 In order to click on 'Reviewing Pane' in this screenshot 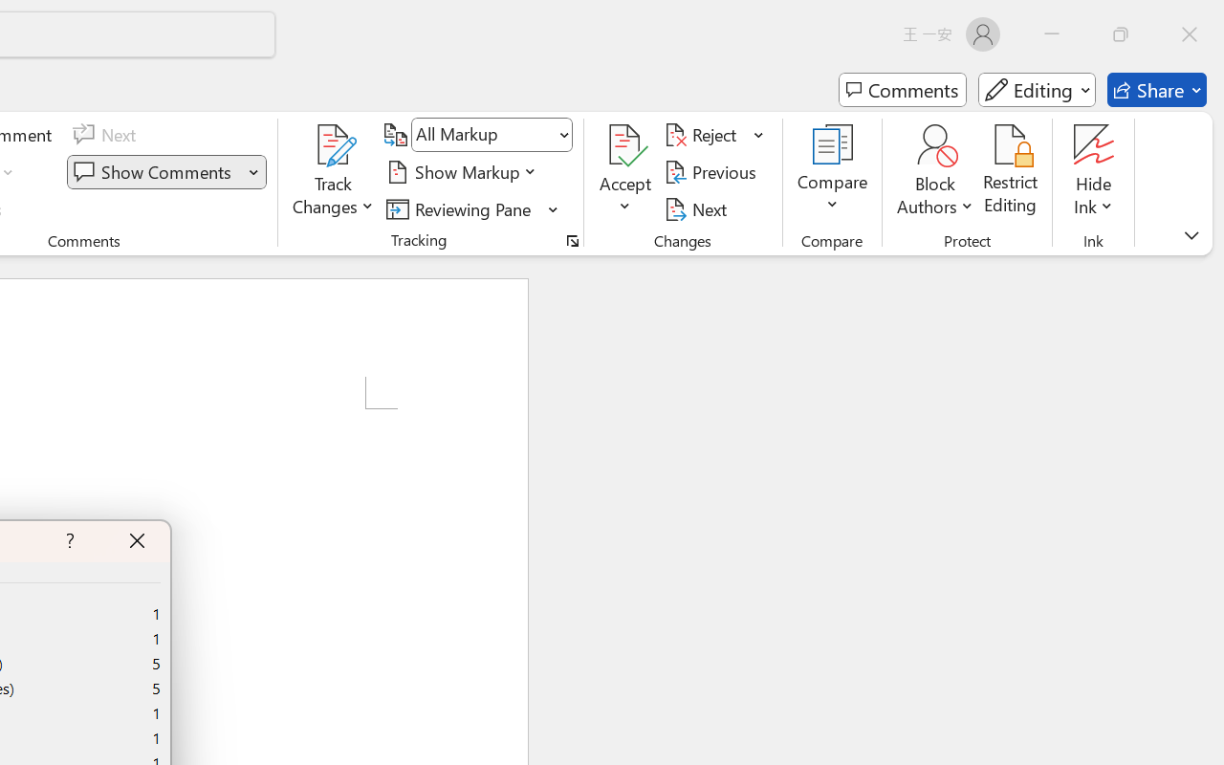, I will do `click(472, 208)`.